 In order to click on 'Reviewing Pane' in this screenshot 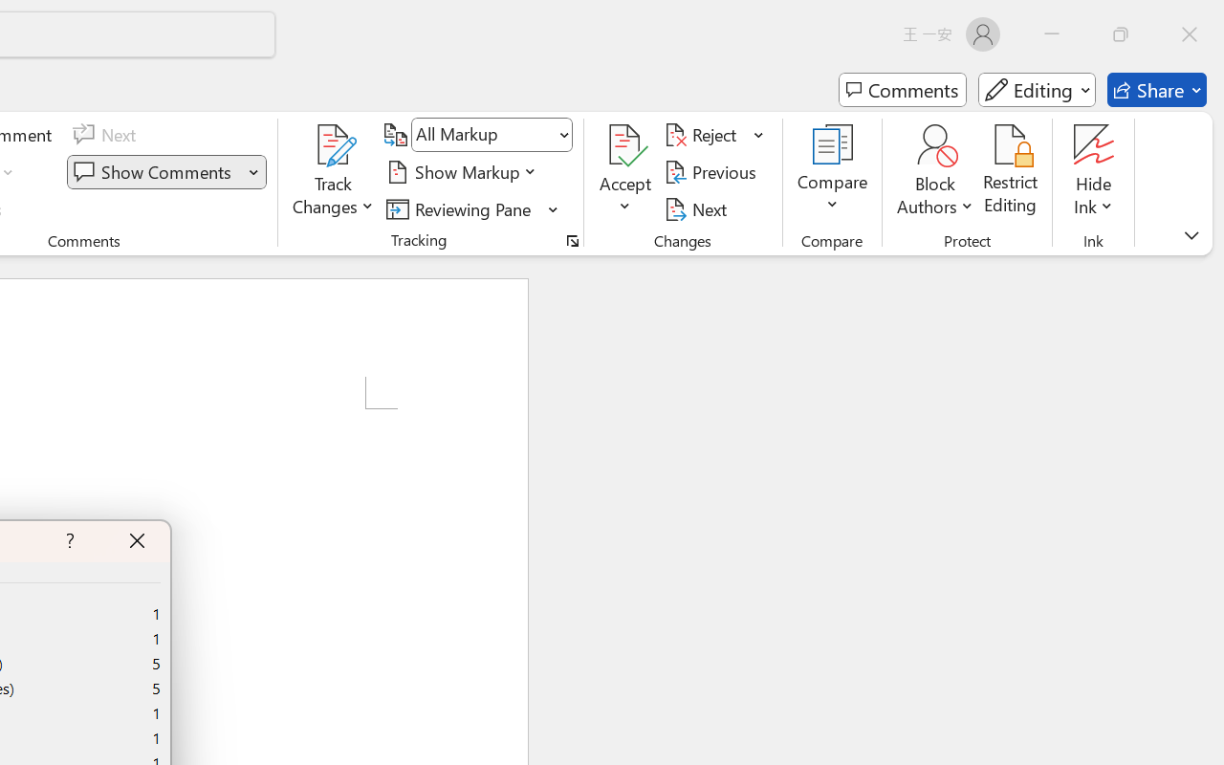, I will do `click(472, 208)`.